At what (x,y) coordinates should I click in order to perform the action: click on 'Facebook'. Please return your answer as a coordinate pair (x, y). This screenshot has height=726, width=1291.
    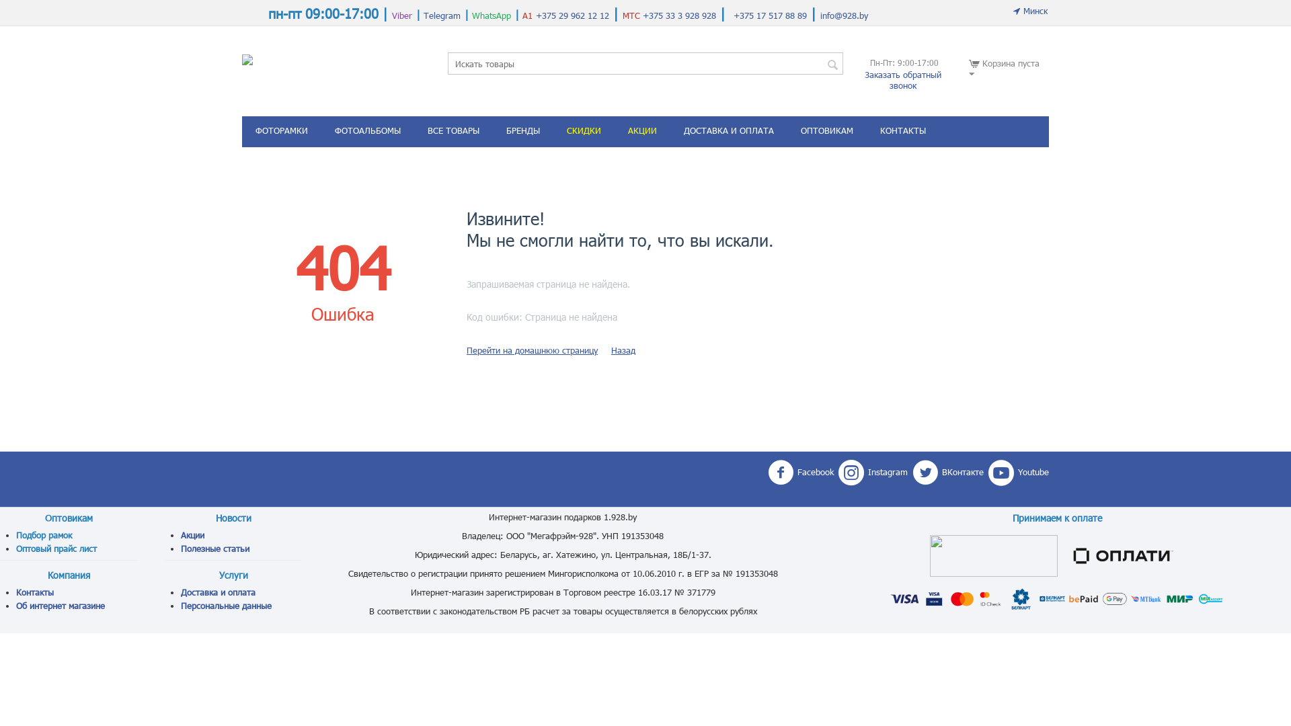
    Looking at the image, I should click on (800, 471).